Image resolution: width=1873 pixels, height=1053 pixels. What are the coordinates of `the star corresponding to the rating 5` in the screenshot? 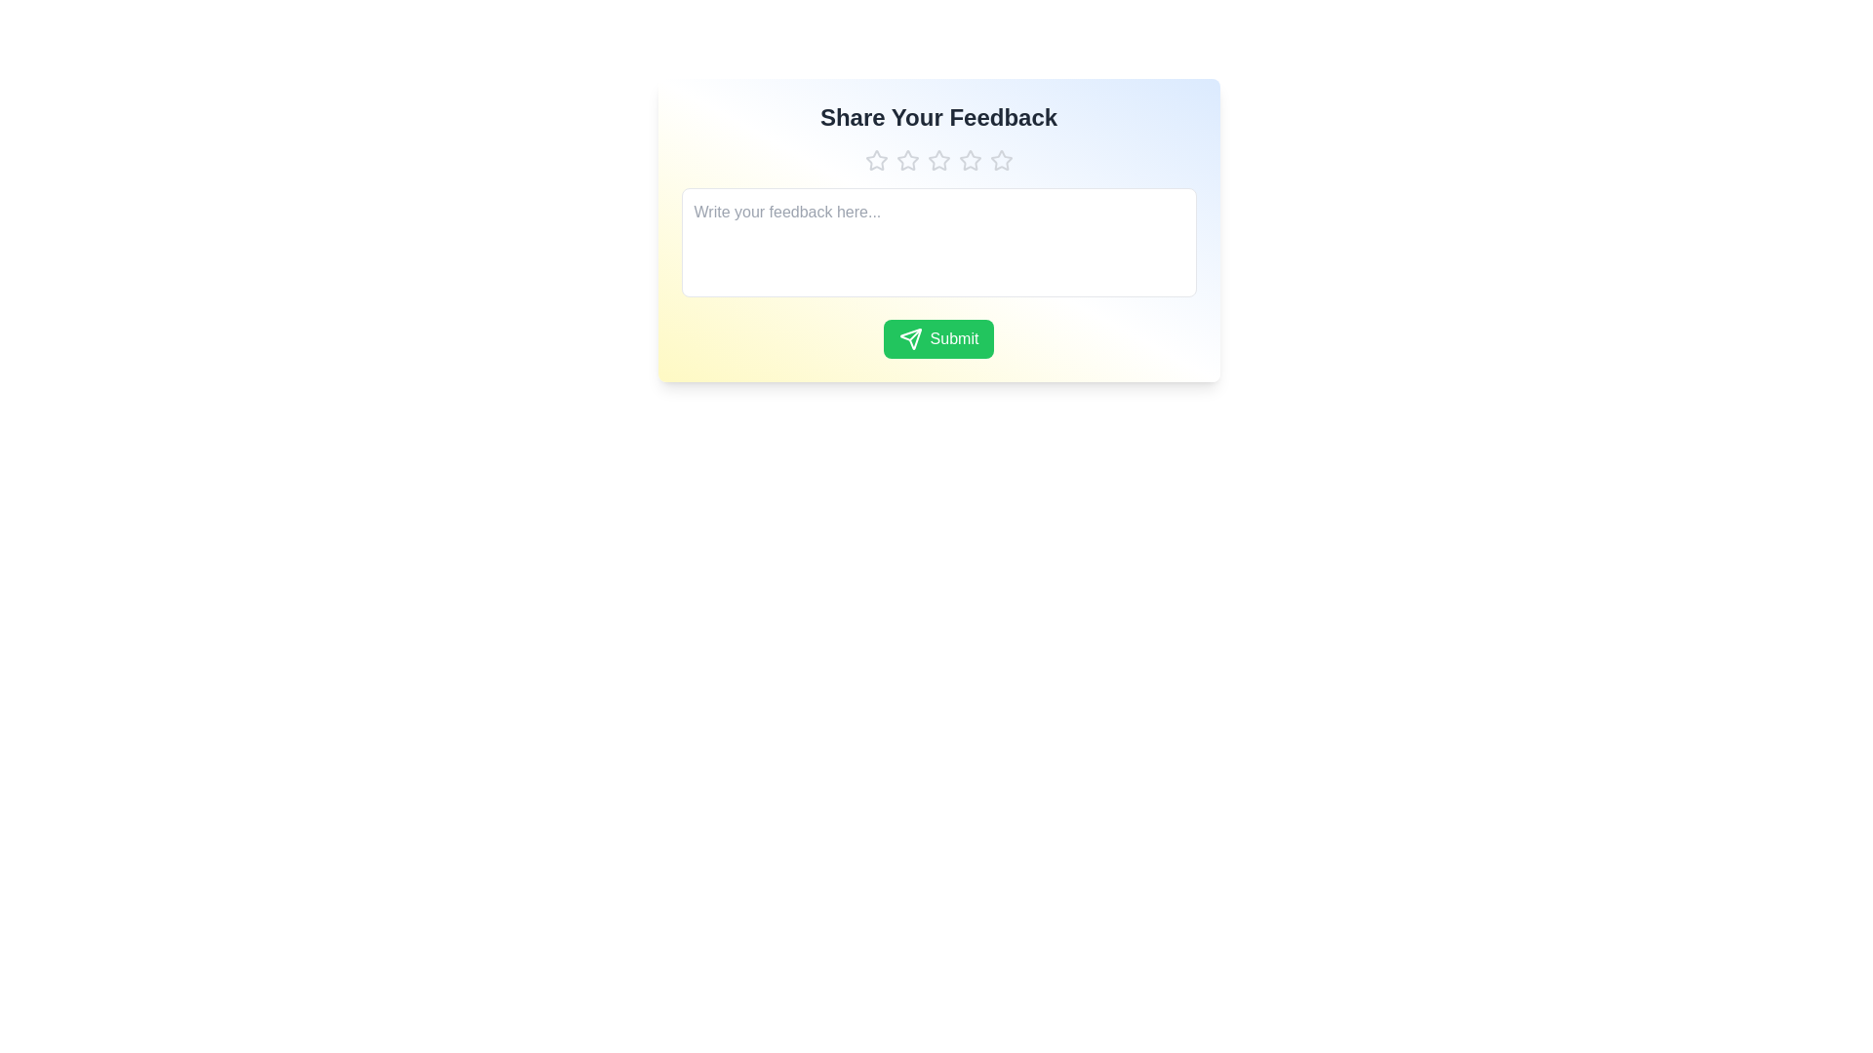 It's located at (1001, 160).